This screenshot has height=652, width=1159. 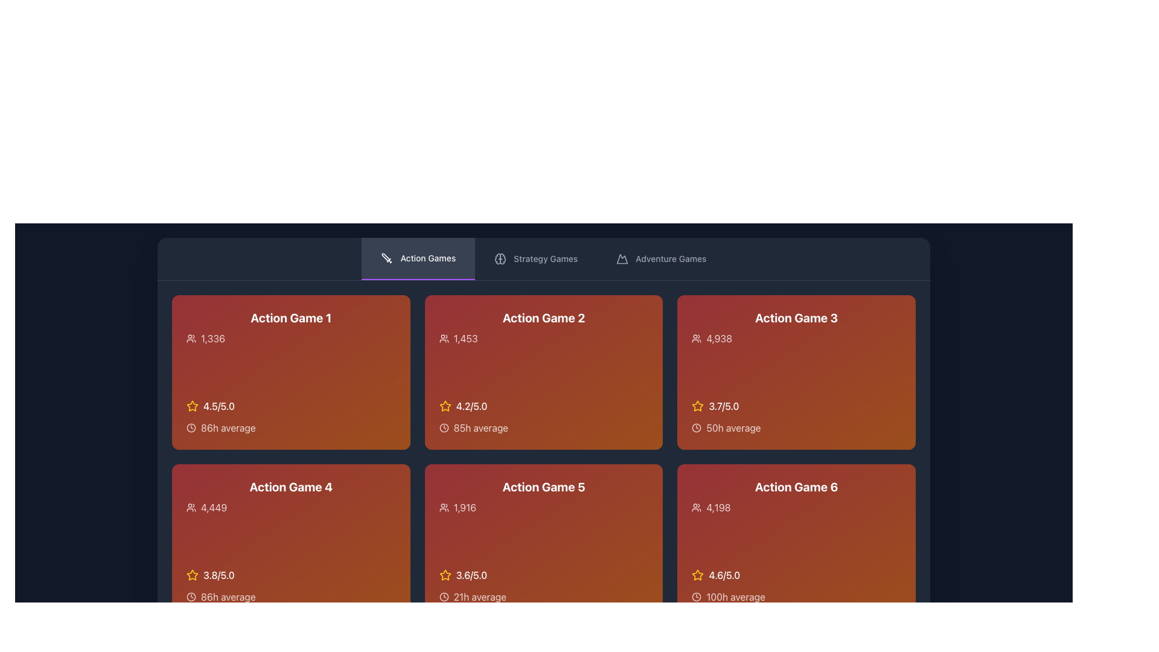 What do you see at coordinates (670, 258) in the screenshot?
I see `the 'Adventure Games' text element located in the right section of the horizontal navigation menu` at bounding box center [670, 258].